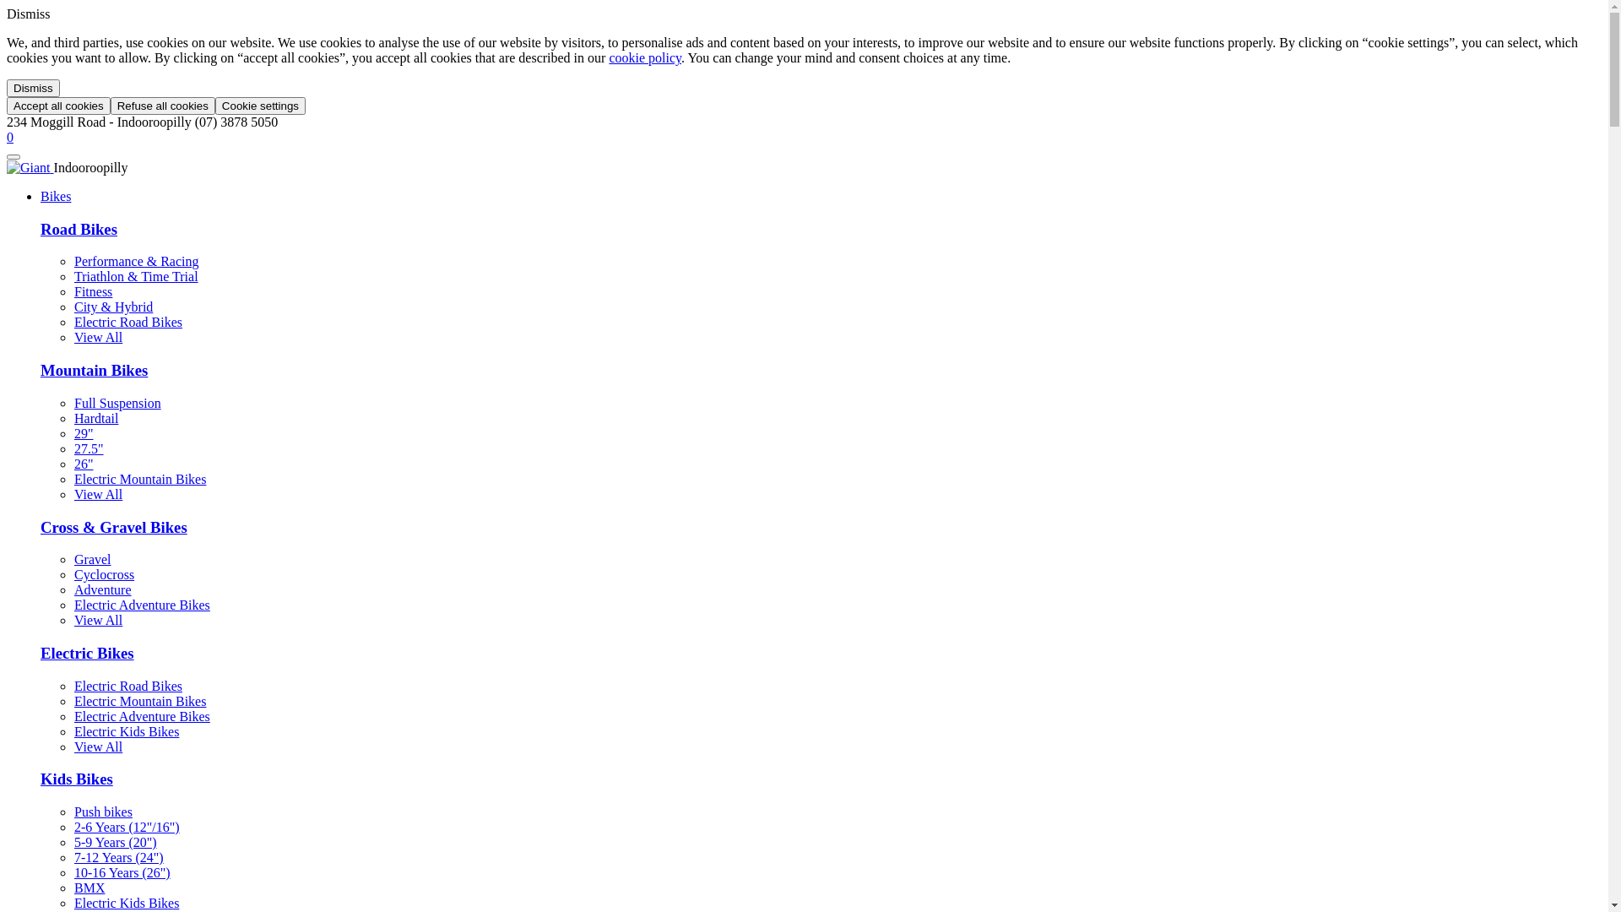 This screenshot has width=1621, height=912. I want to click on 'Triathlon & Time Trial', so click(136, 275).